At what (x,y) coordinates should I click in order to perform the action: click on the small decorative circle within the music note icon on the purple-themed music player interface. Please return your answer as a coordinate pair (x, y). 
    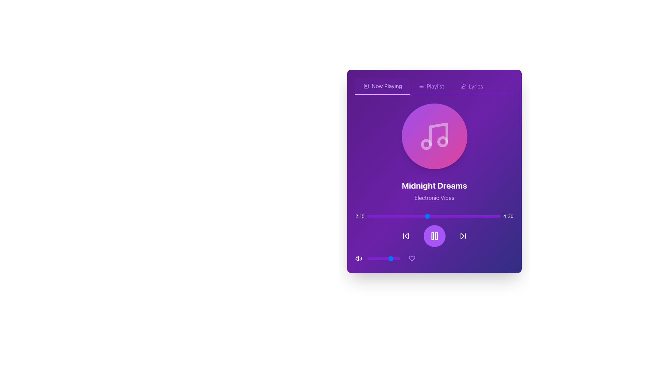
    Looking at the image, I should click on (442, 141).